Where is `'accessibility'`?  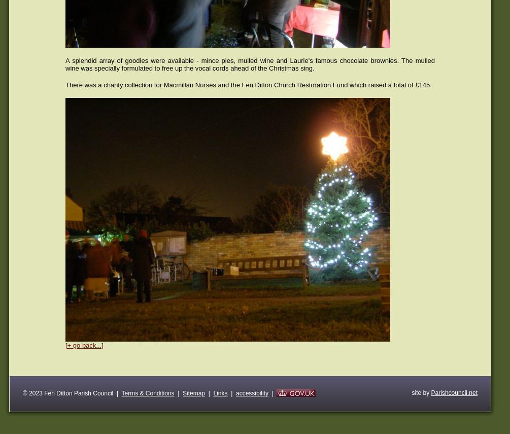 'accessibility' is located at coordinates (252, 392).